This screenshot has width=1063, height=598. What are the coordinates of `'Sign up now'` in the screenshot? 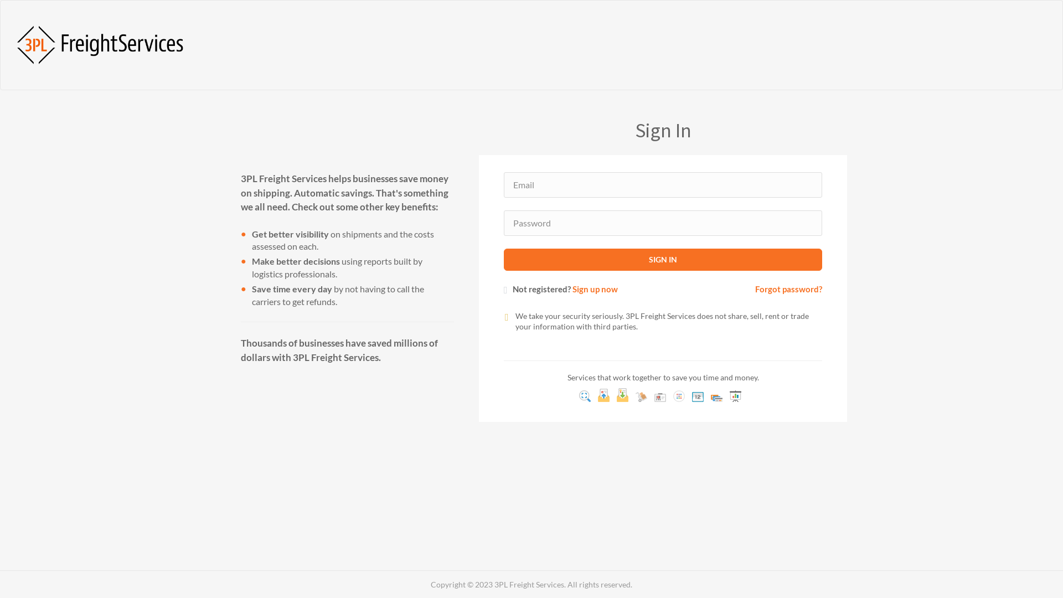 It's located at (595, 288).